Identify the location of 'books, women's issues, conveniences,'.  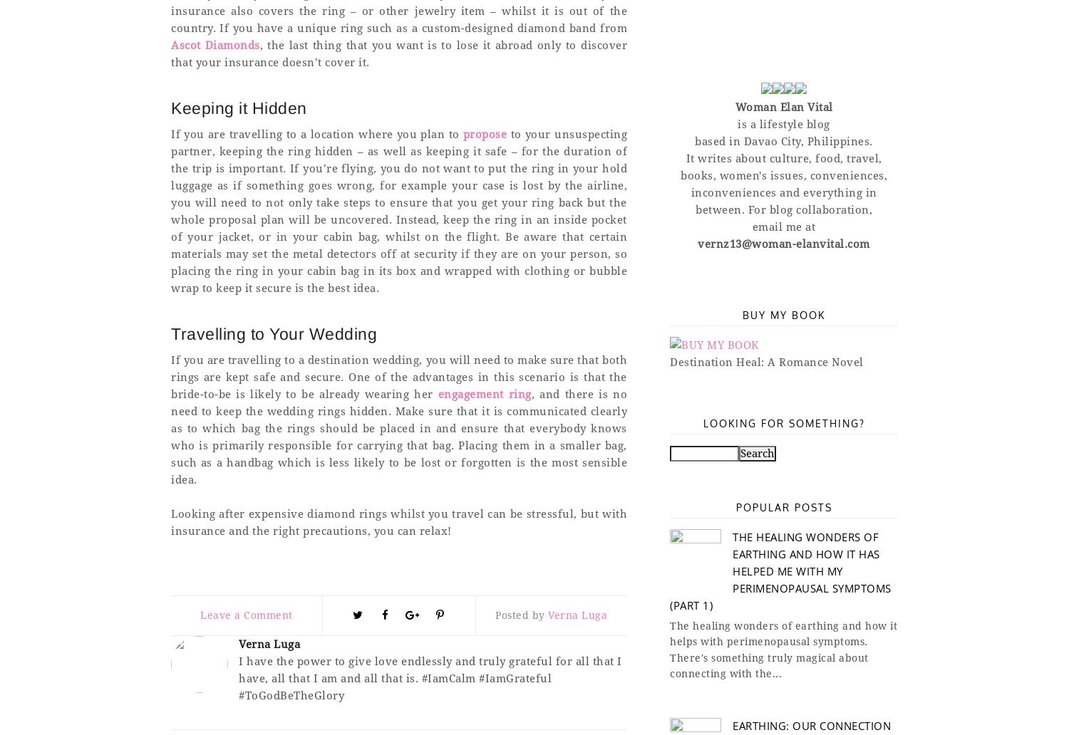
(783, 174).